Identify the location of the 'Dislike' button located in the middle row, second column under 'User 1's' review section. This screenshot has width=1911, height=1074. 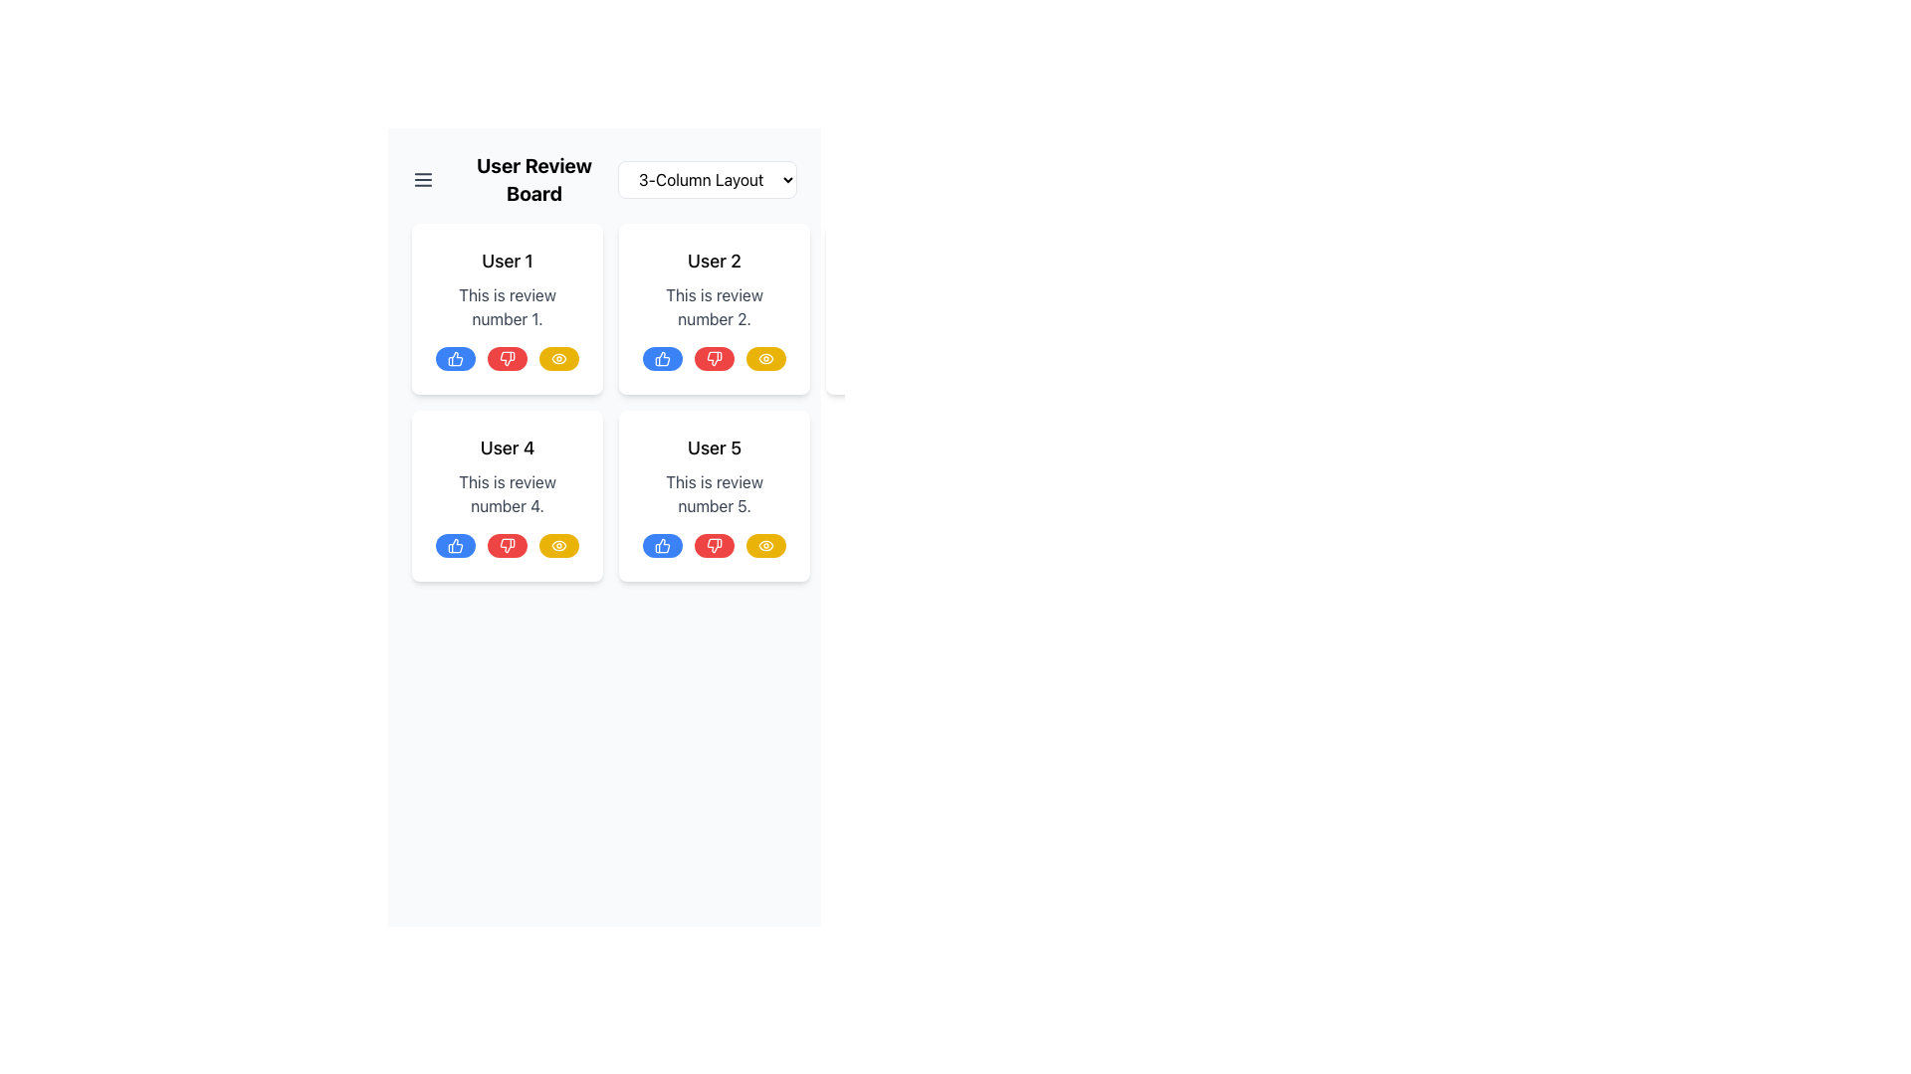
(507, 359).